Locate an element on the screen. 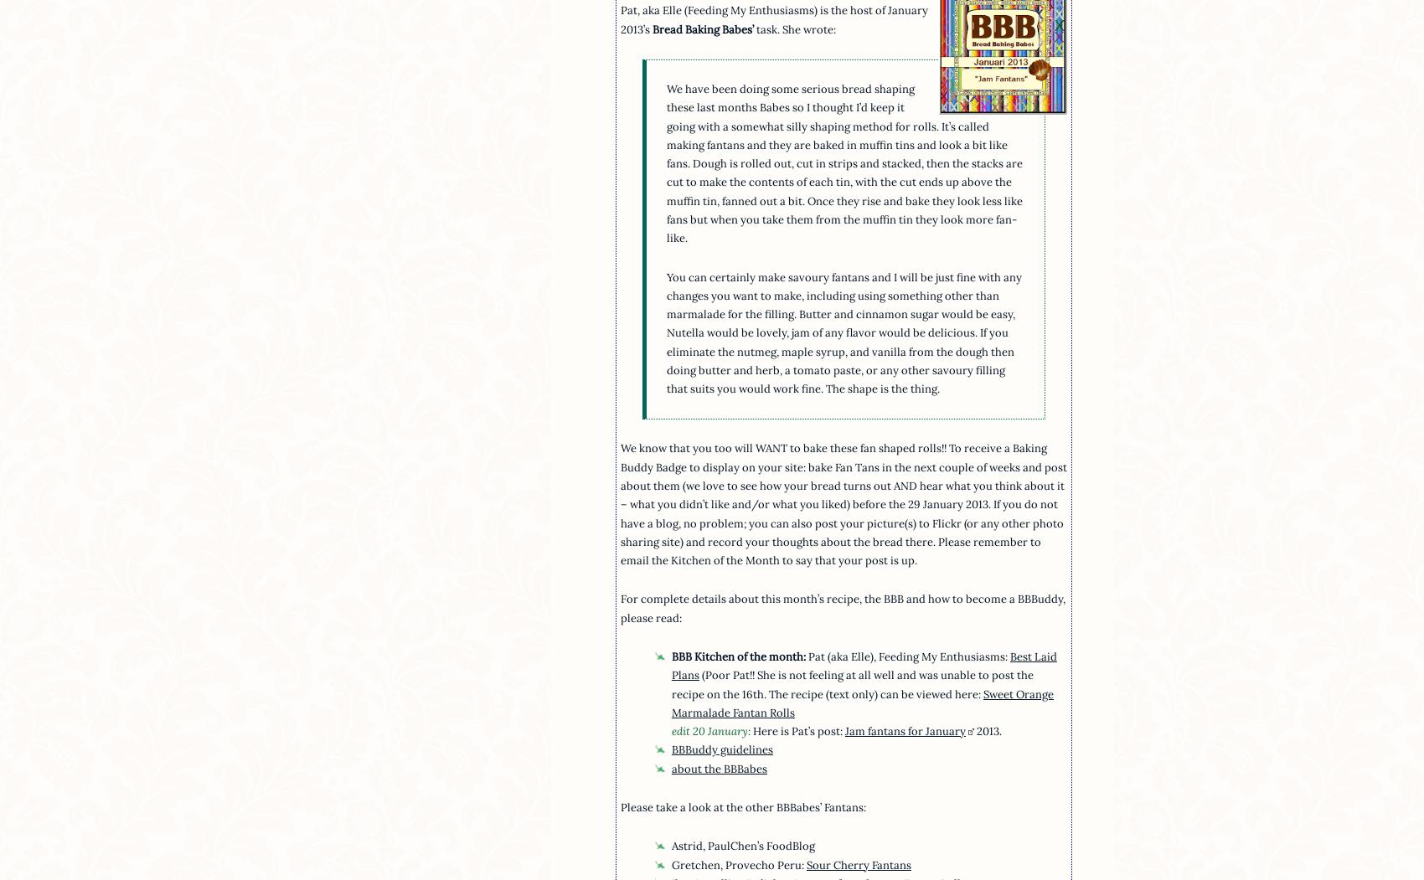  'Please take a look at the other BBBabes’ Fantans:' is located at coordinates (742, 805).